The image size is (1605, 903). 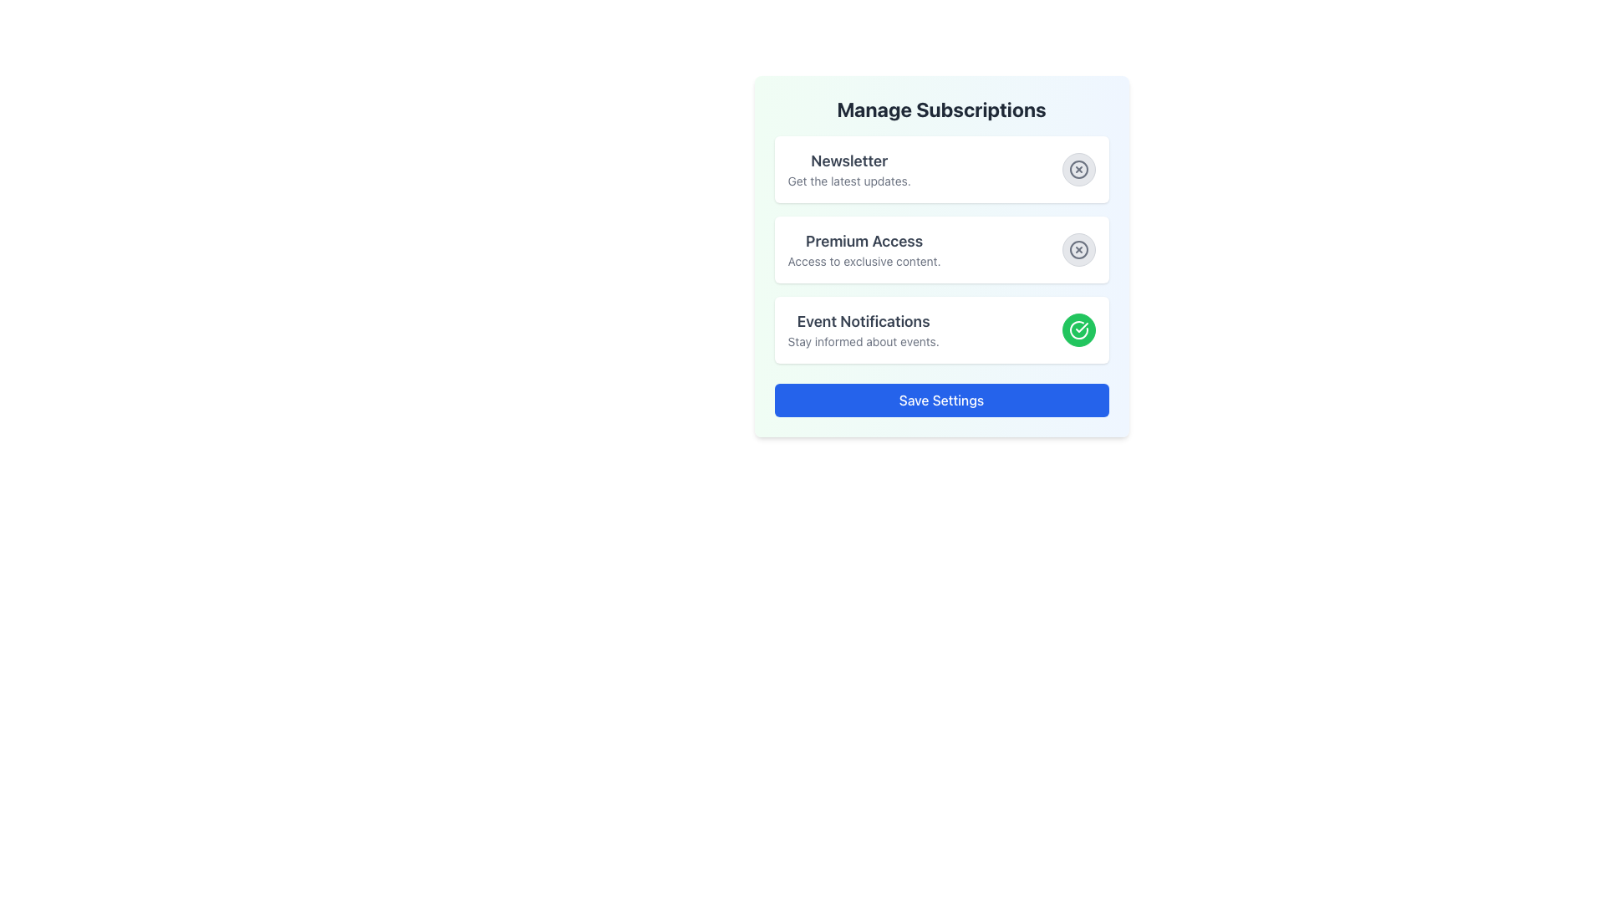 I want to click on text element that contains 'Get the latest updates.' located beneath the 'Newsletter' text in the settings interface, so click(x=849, y=181).